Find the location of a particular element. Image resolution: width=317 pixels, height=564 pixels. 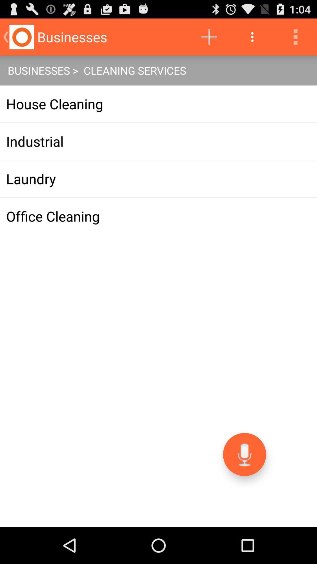

the icon below the industrial icon is located at coordinates (158, 179).